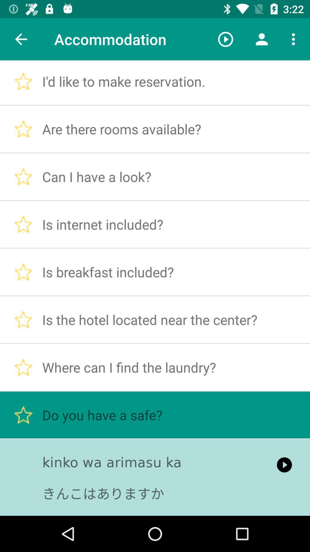  Describe the element at coordinates (261, 39) in the screenshot. I see `icon above the is the hotel` at that location.